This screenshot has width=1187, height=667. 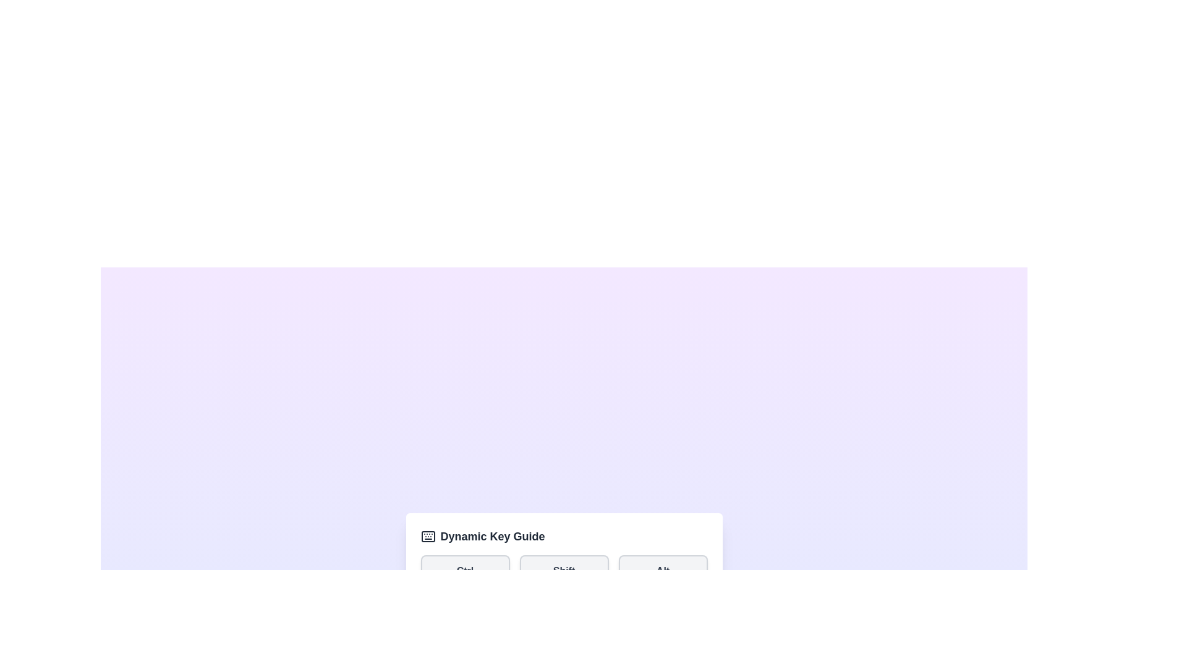 What do you see at coordinates (428, 535) in the screenshot?
I see `the keyboard icon, which is styled in line art format with rounded corners and located to the left of the 'Dynamic Key Guide' text` at bounding box center [428, 535].